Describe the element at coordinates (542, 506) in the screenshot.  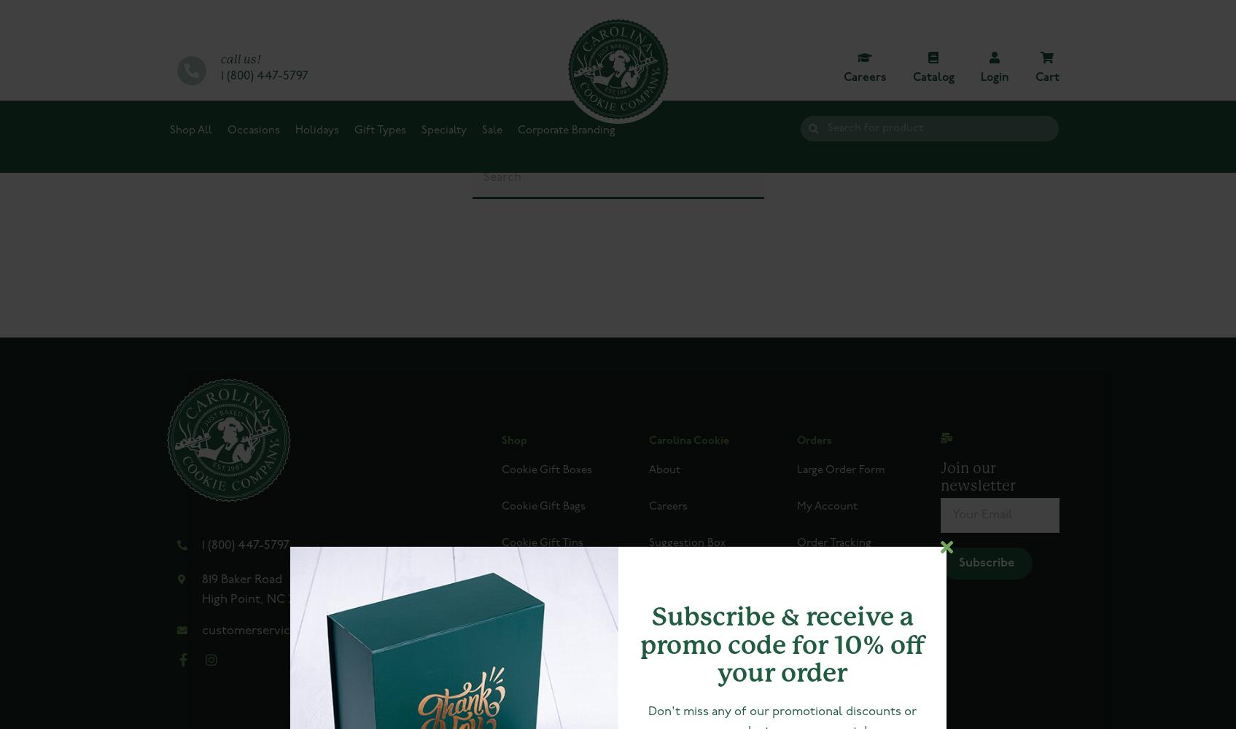
I see `'Cookie Gift Bags'` at that location.